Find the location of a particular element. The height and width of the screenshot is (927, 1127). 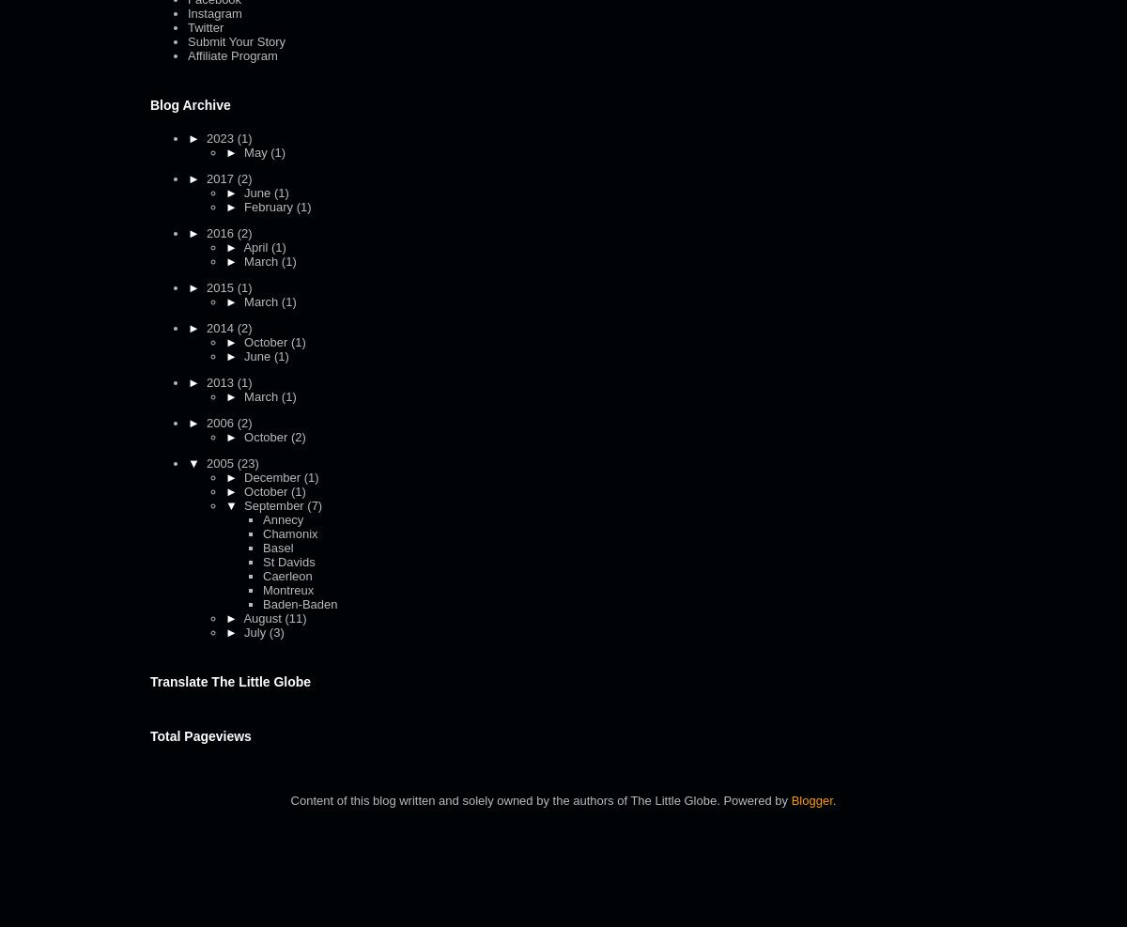

'February' is located at coordinates (243, 206).